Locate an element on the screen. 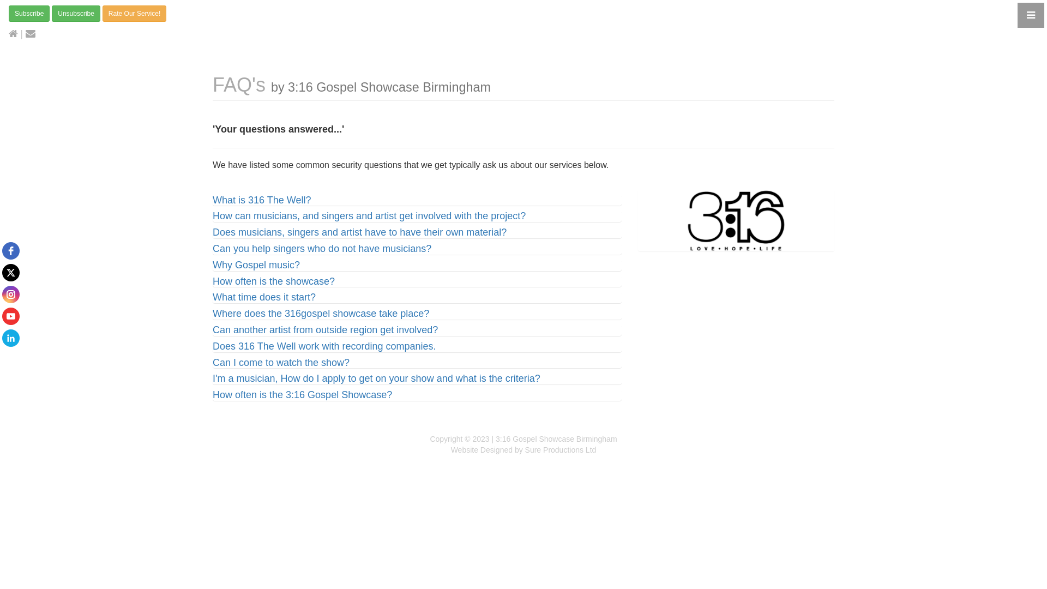  'How often is the showcase?' is located at coordinates (274, 281).